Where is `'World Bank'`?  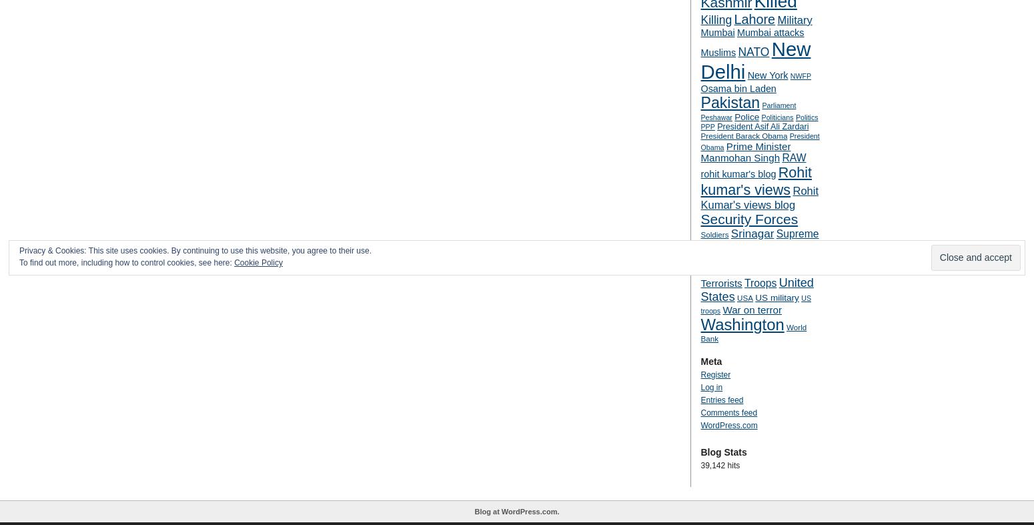
'World Bank' is located at coordinates (752, 333).